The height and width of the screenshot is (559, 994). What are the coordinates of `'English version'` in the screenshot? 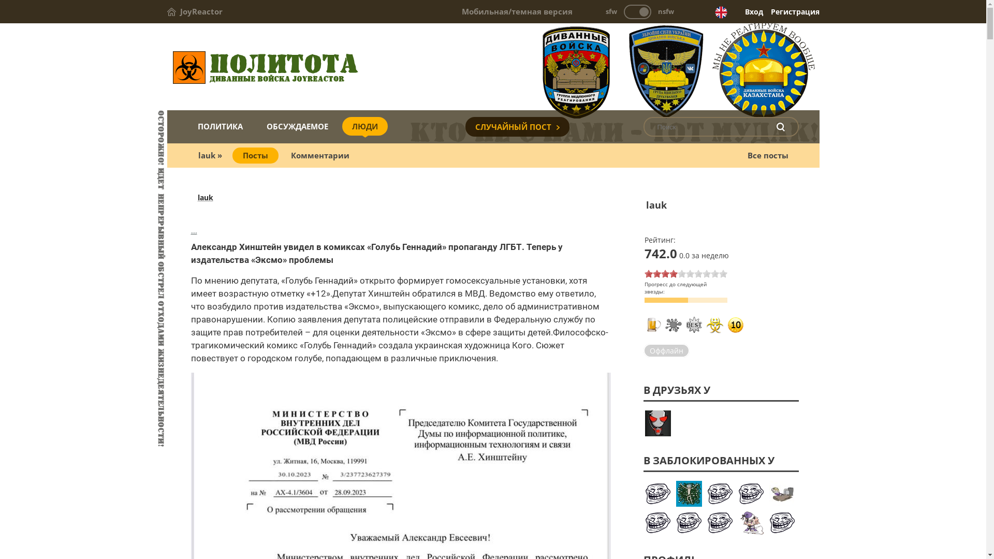 It's located at (720, 12).